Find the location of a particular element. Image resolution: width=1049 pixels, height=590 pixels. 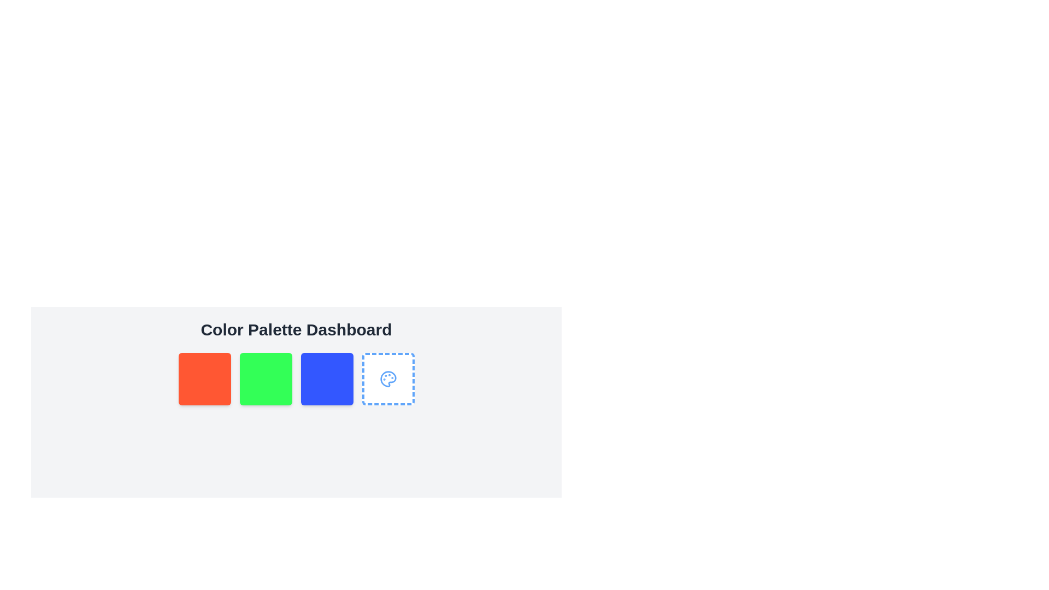

the fourth square block of the Color Palette Dashboard is located at coordinates (388, 379).